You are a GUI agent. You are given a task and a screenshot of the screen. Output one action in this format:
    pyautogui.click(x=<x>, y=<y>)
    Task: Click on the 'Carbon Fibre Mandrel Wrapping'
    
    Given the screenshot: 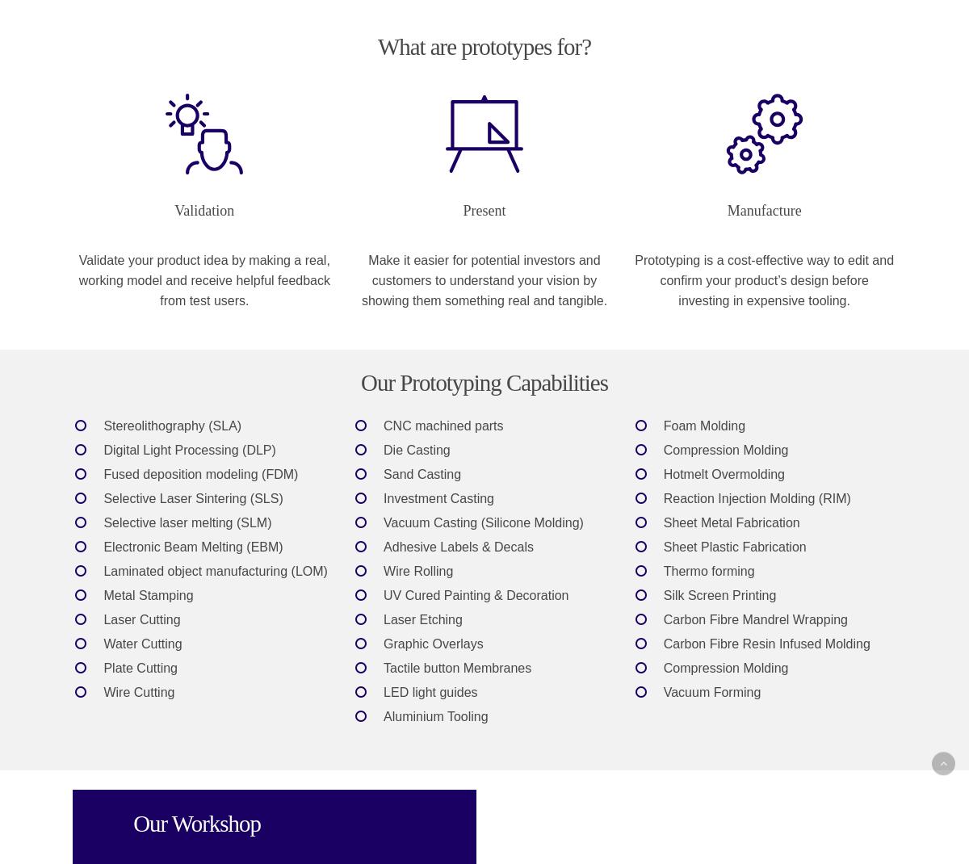 What is the action you would take?
    pyautogui.click(x=662, y=618)
    